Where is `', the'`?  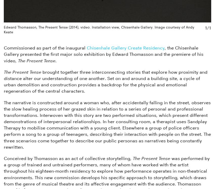
', the' is located at coordinates (170, 48).